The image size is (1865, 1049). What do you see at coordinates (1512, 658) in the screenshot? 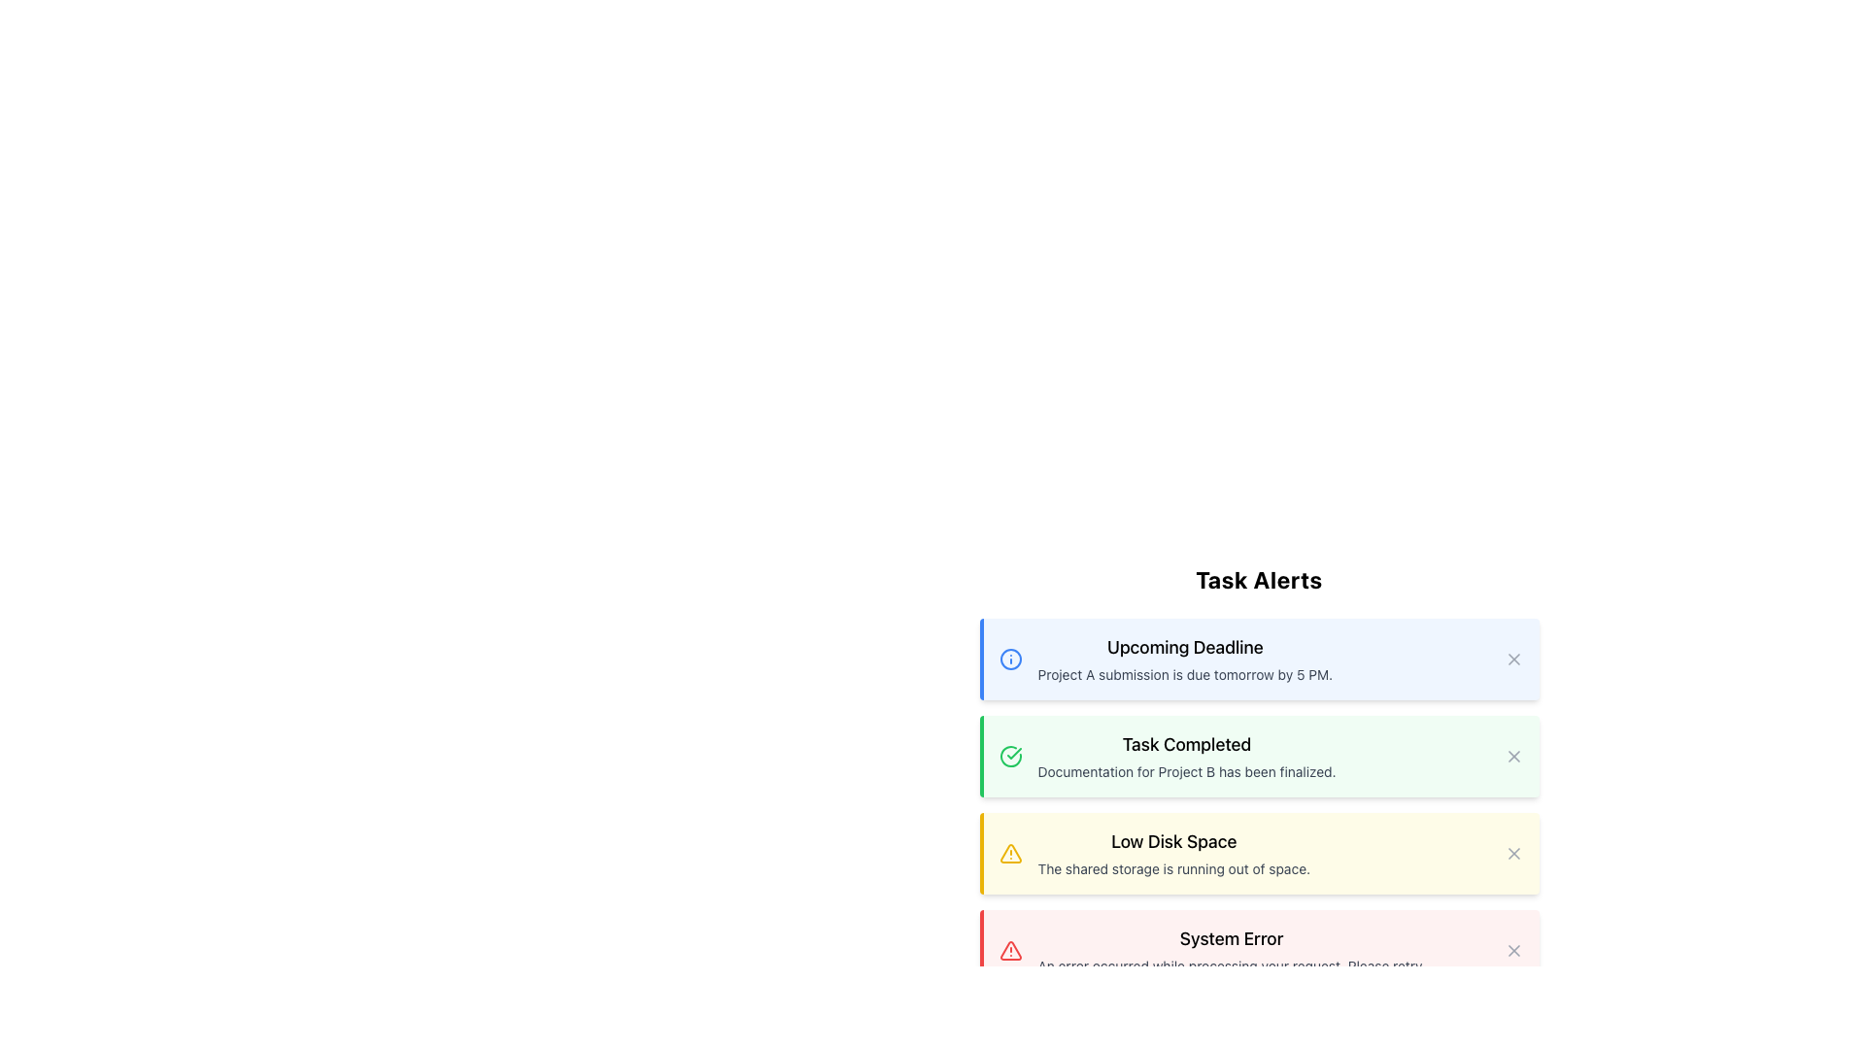
I see `the small grey 'X' button located at the top-right corner of the 'Upcoming Deadline' notification card for visual feedback` at bounding box center [1512, 658].